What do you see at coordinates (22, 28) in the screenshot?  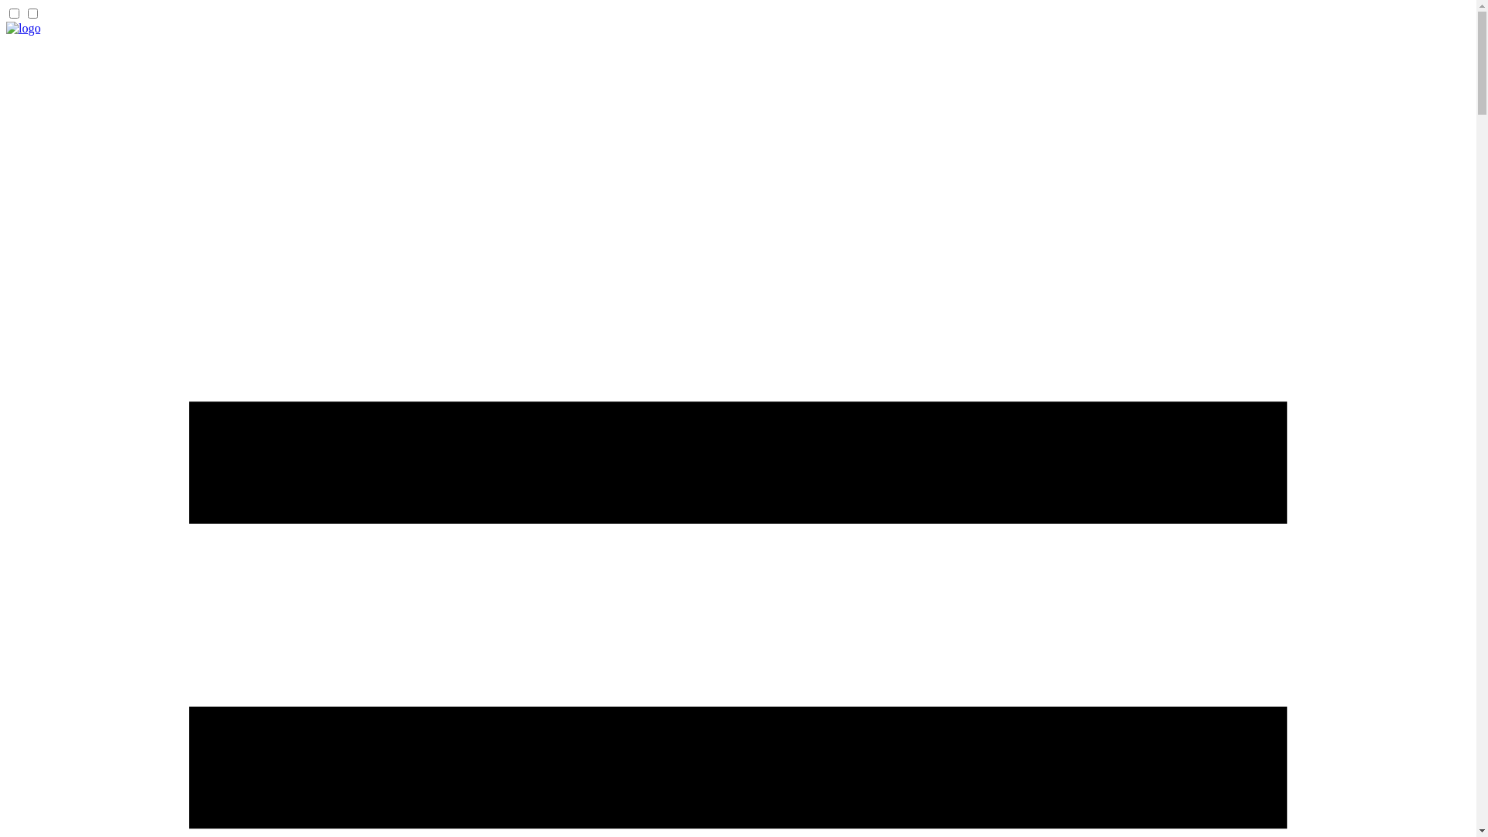 I see `'COS2000'` at bounding box center [22, 28].